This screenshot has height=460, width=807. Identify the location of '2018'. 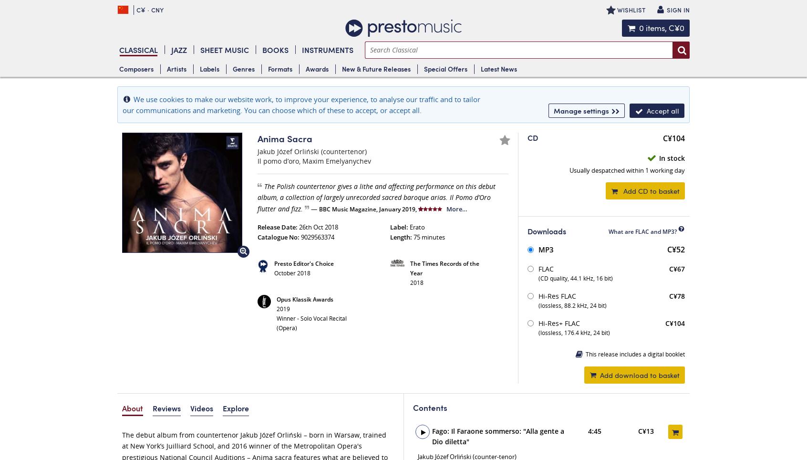
(416, 282).